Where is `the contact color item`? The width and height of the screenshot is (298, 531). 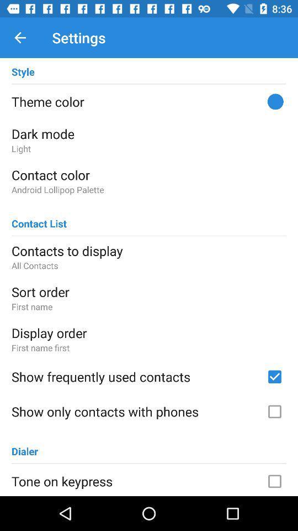 the contact color item is located at coordinates (149, 175).